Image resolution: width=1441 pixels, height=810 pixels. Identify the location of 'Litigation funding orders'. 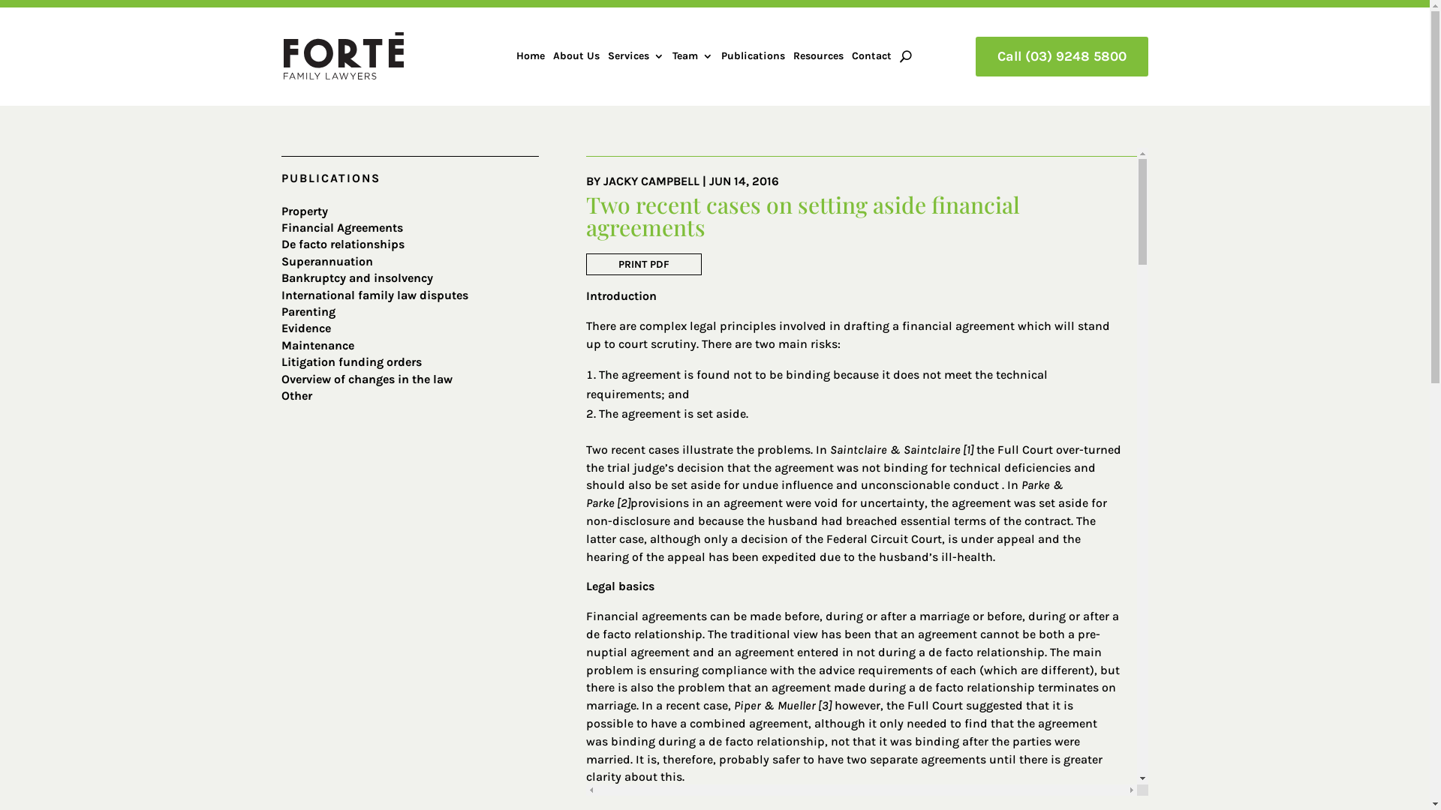
(350, 361).